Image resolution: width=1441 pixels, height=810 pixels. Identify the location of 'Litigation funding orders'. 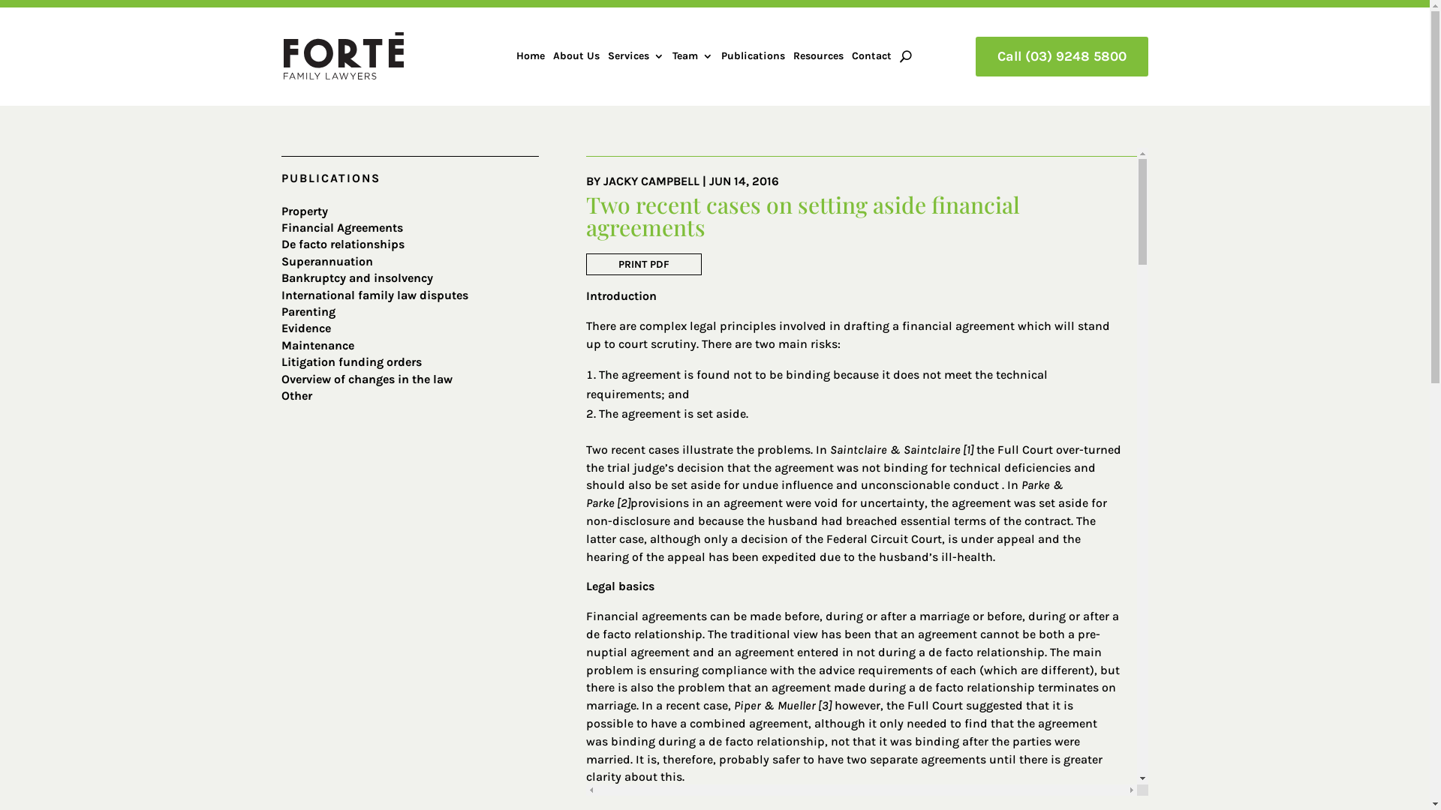
(350, 361).